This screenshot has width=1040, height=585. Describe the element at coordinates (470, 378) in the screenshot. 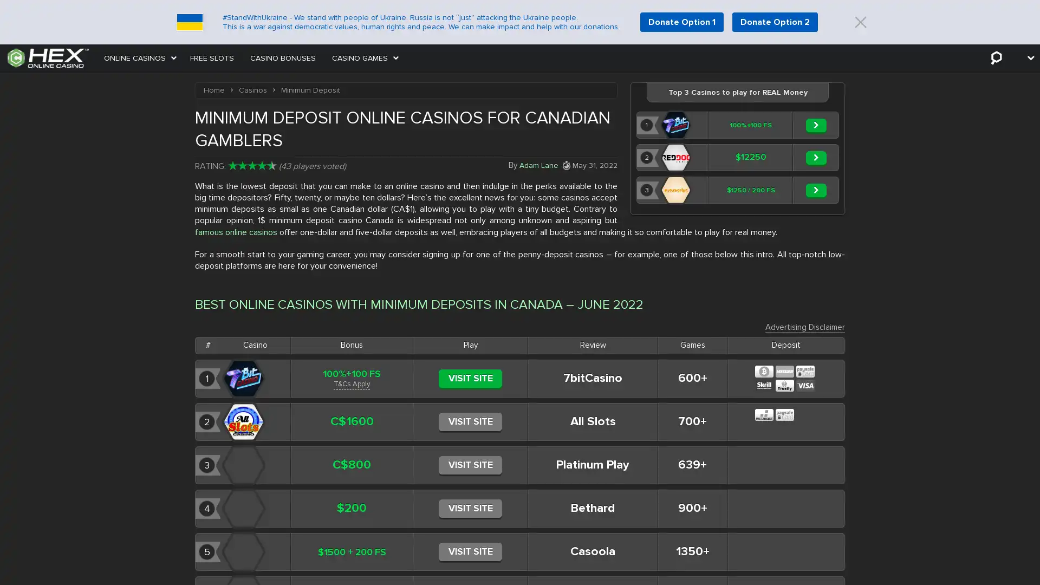

I see `VISIT SITE` at that location.